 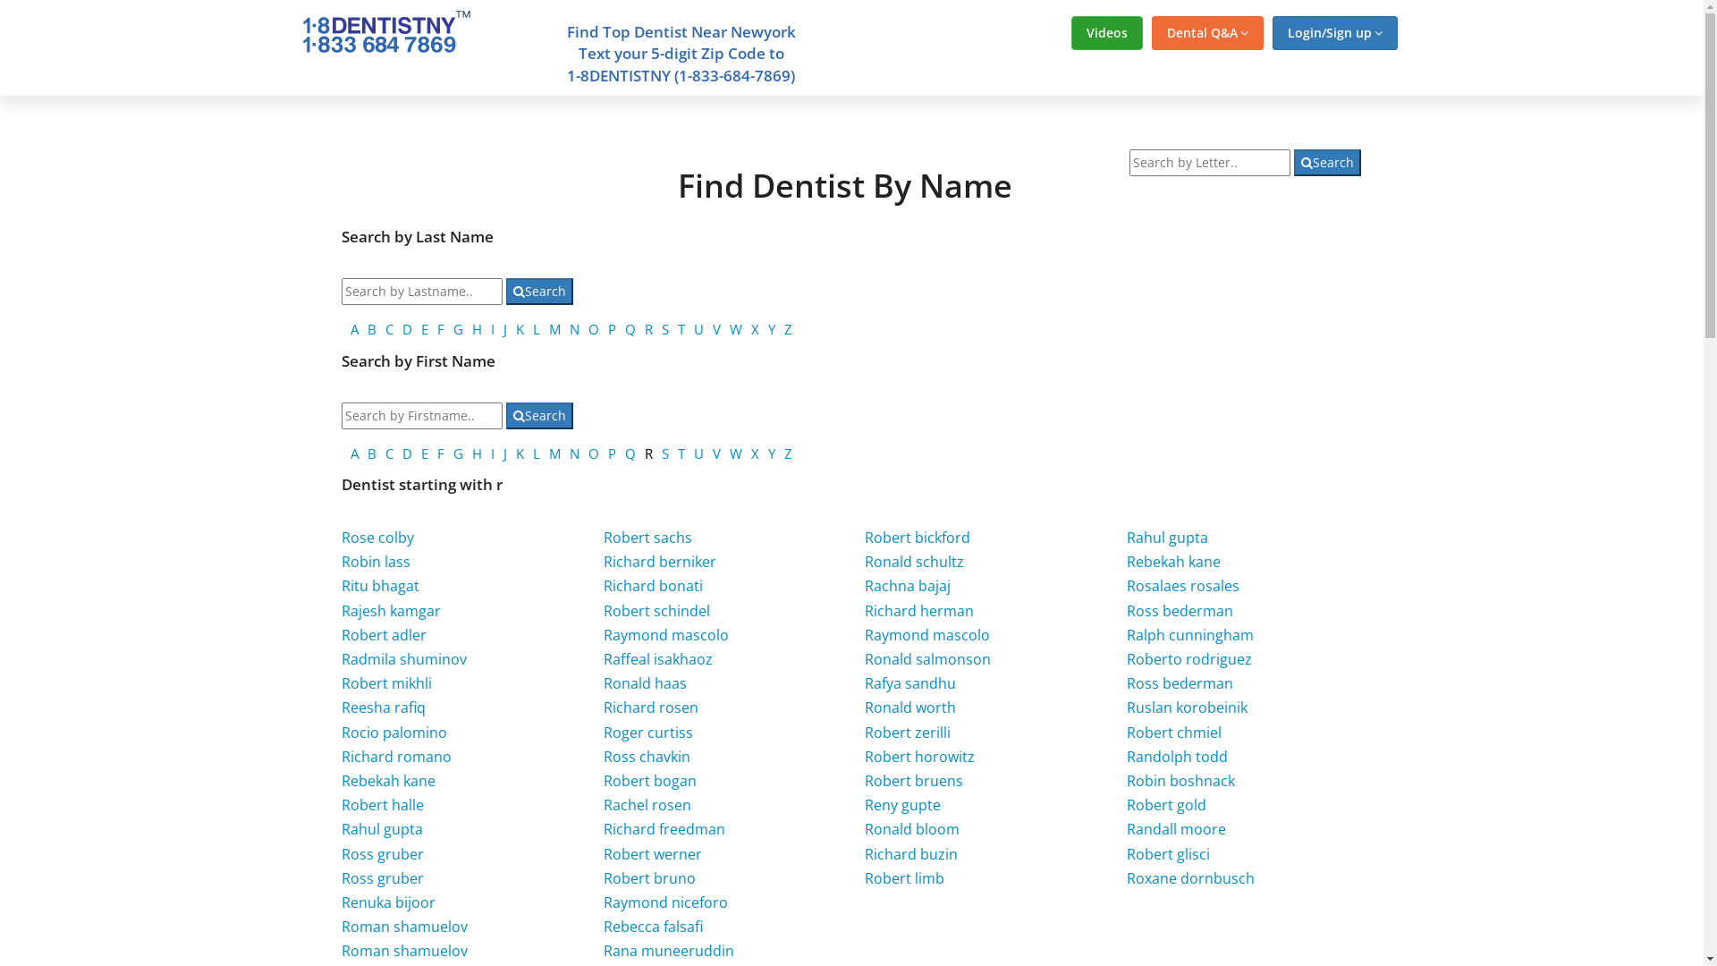 I want to click on 'Richard buzin', so click(x=910, y=853).